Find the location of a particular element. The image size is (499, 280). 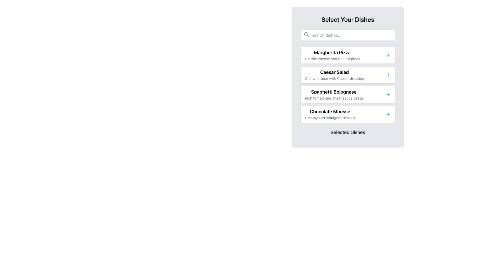

the text element reading 'Rich tomato and meat sauce pasta', which is styled in a small gray font and located below the heading 'Spaghetti Bolognese' in the menu item panel is located at coordinates (334, 98).